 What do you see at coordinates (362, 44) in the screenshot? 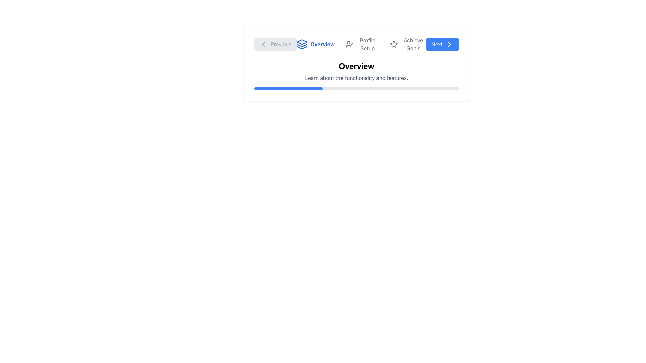
I see `the 'Profile Setup' navigation link, which is the second item in the horizontal navigation bar` at bounding box center [362, 44].